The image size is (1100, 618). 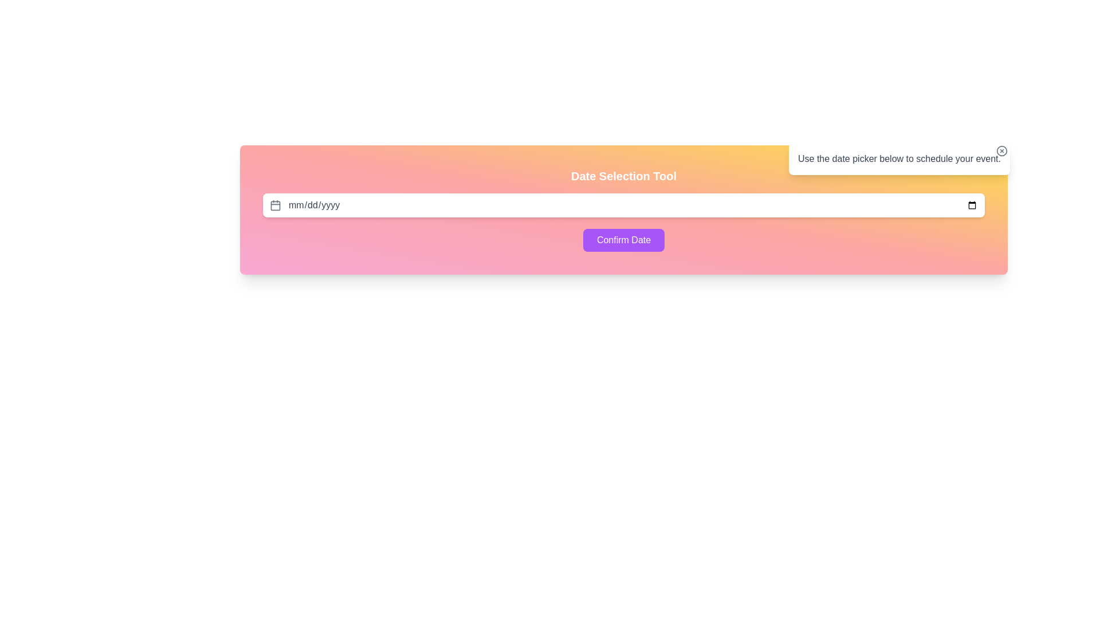 I want to click on the calendar icon element that contains the square with rounded corners by clicking on its center, so click(x=275, y=204).